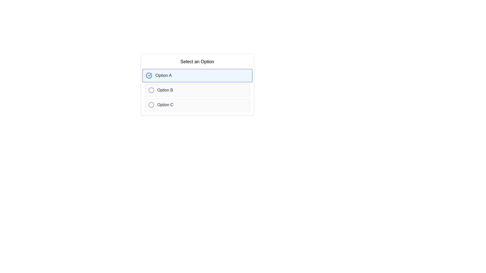 The height and width of the screenshot is (273, 486). What do you see at coordinates (149, 76) in the screenshot?
I see `the circular icon with a blue outline and checkmark symbol, which is located to the left of the text label 'Option A', to interact with it` at bounding box center [149, 76].